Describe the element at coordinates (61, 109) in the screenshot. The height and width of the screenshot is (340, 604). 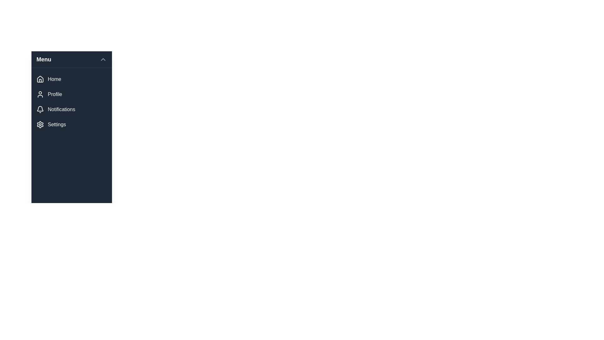
I see `the notifications menu option, which is the third item in the vertical list located on the left side of the interface, positioned to the right of the bell icon and above the 'Settings' menu item` at that location.